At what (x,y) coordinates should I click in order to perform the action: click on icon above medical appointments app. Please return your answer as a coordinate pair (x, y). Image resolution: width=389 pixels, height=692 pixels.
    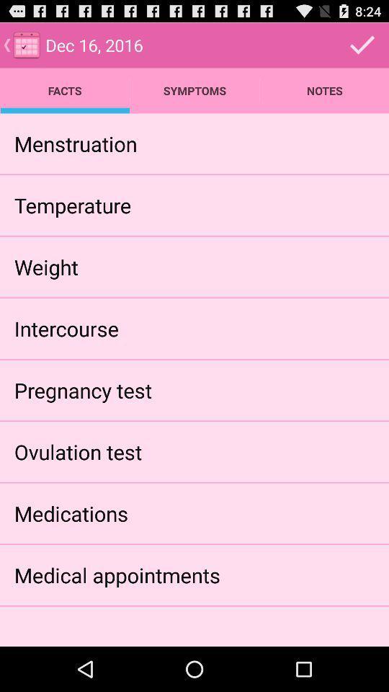
    Looking at the image, I should click on (70, 513).